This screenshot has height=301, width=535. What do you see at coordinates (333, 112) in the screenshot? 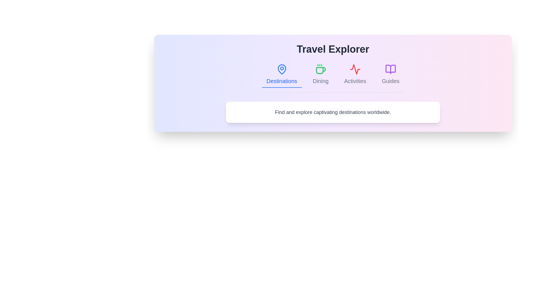
I see `the text 'Find and explore captivating destinations worldwide.' to select it` at bounding box center [333, 112].